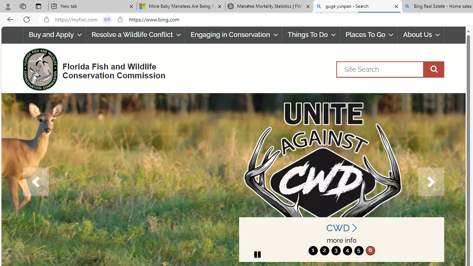 This screenshot has width=473, height=266. I want to click on 'move to slide 4', so click(347, 250).